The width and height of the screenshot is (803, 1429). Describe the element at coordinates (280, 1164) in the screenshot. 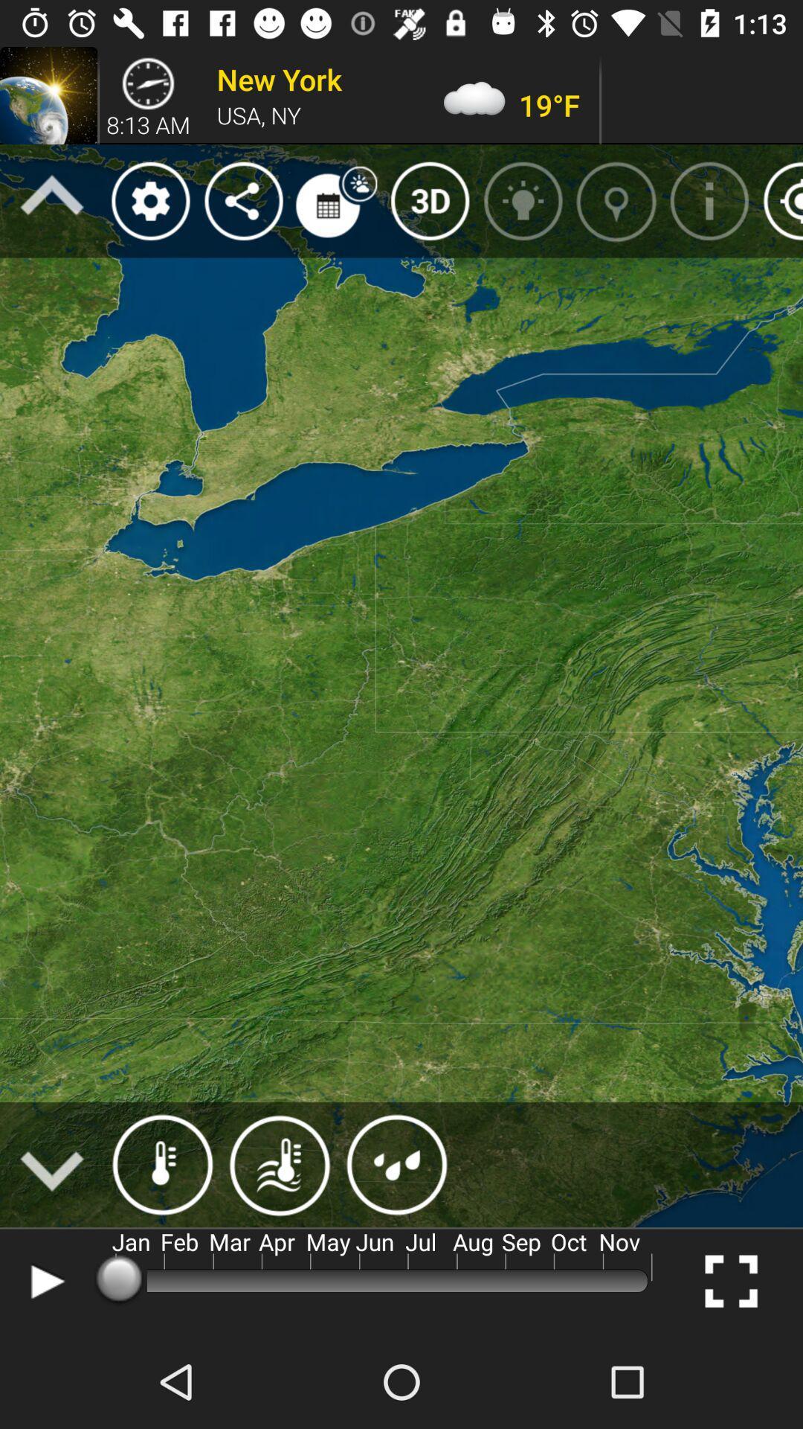

I see `the weather icon` at that location.